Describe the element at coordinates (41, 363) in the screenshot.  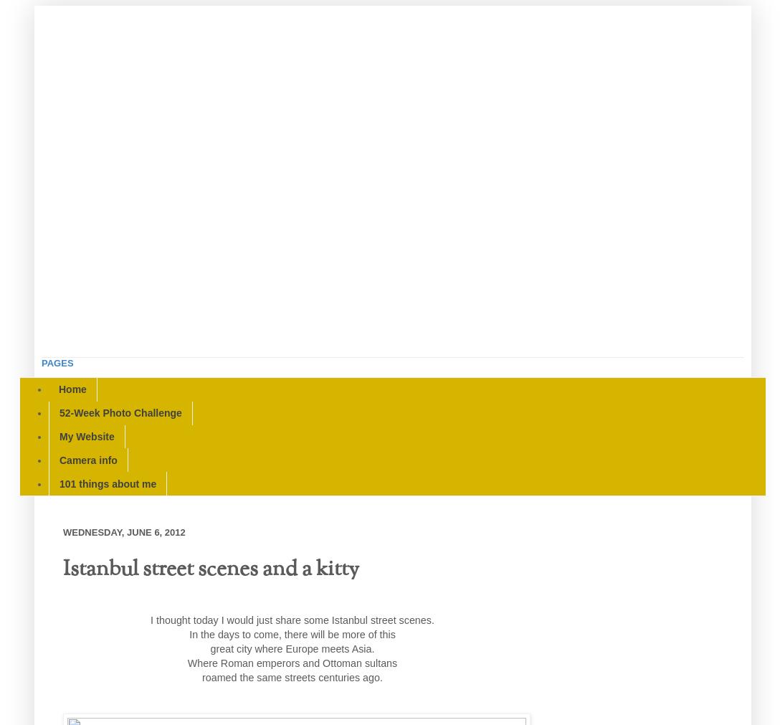
I see `'Pages'` at that location.